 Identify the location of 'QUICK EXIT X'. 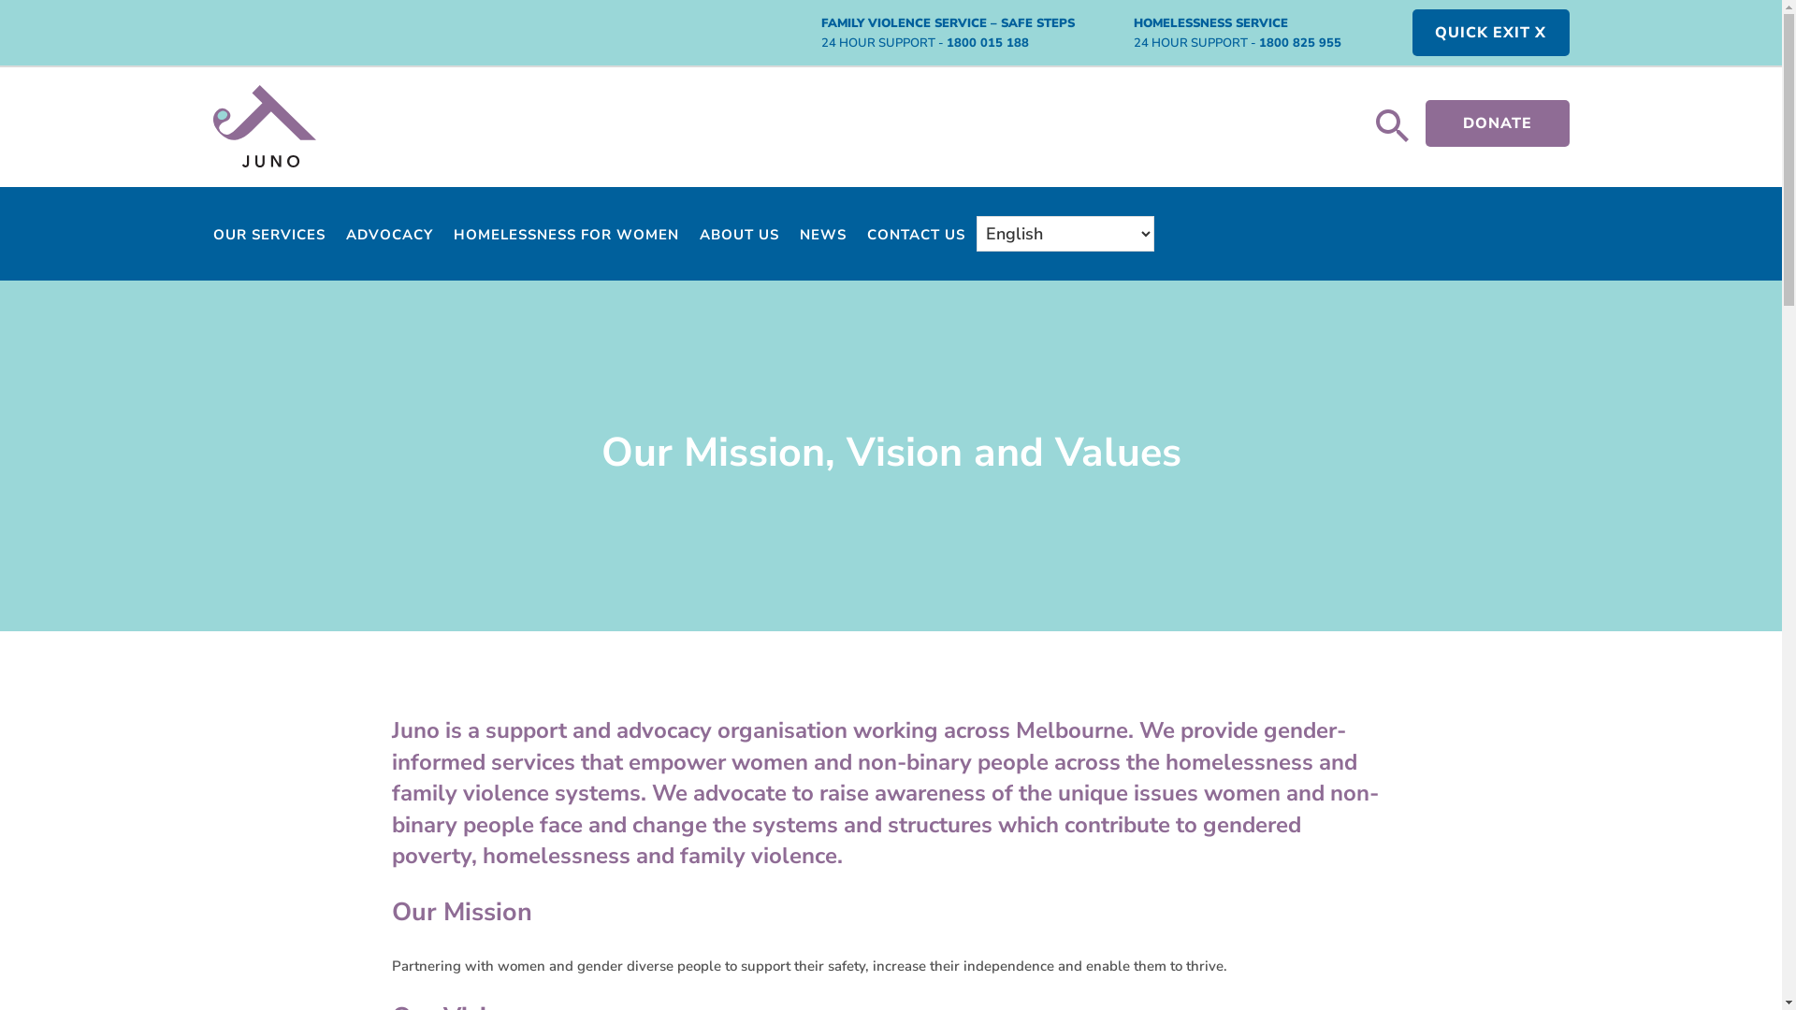
(1489, 32).